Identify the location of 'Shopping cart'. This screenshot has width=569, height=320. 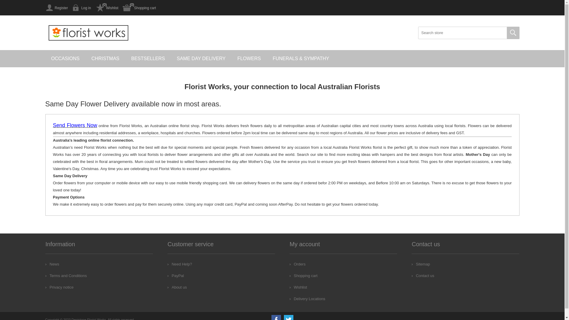
(139, 8).